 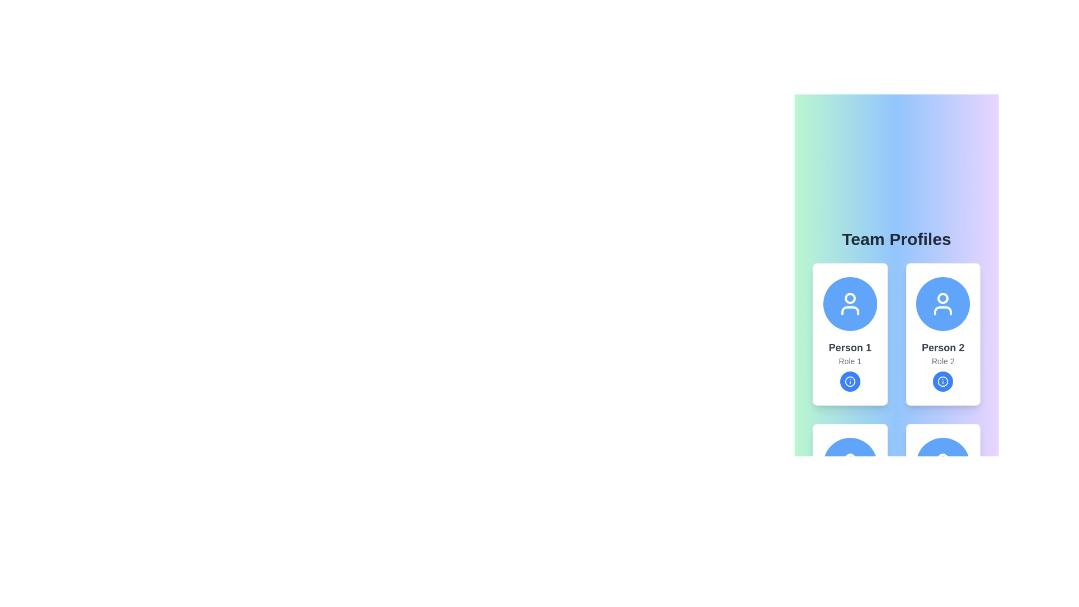 What do you see at coordinates (943, 380) in the screenshot?
I see `the button at the bottom center of the card representing 'Person 2'` at bounding box center [943, 380].